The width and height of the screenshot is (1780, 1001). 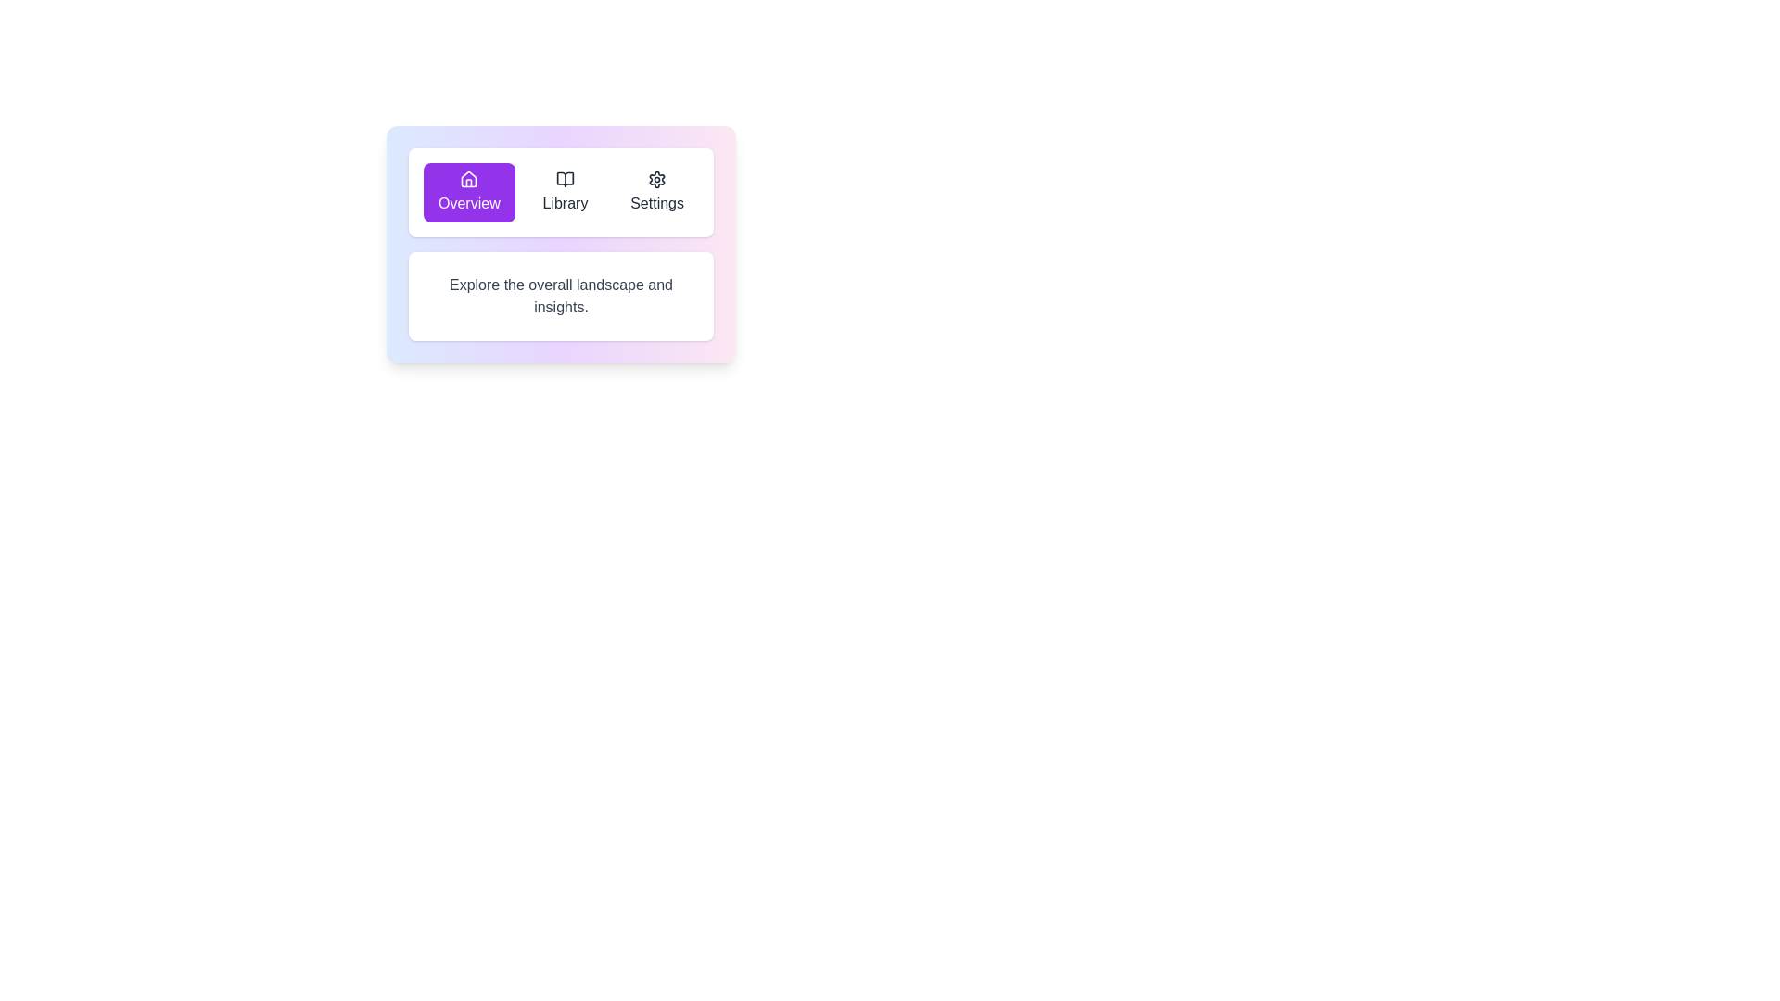 What do you see at coordinates (564, 179) in the screenshot?
I see `the Decorative Icon within the 'Library' button in the center row of the navigation bar` at bounding box center [564, 179].